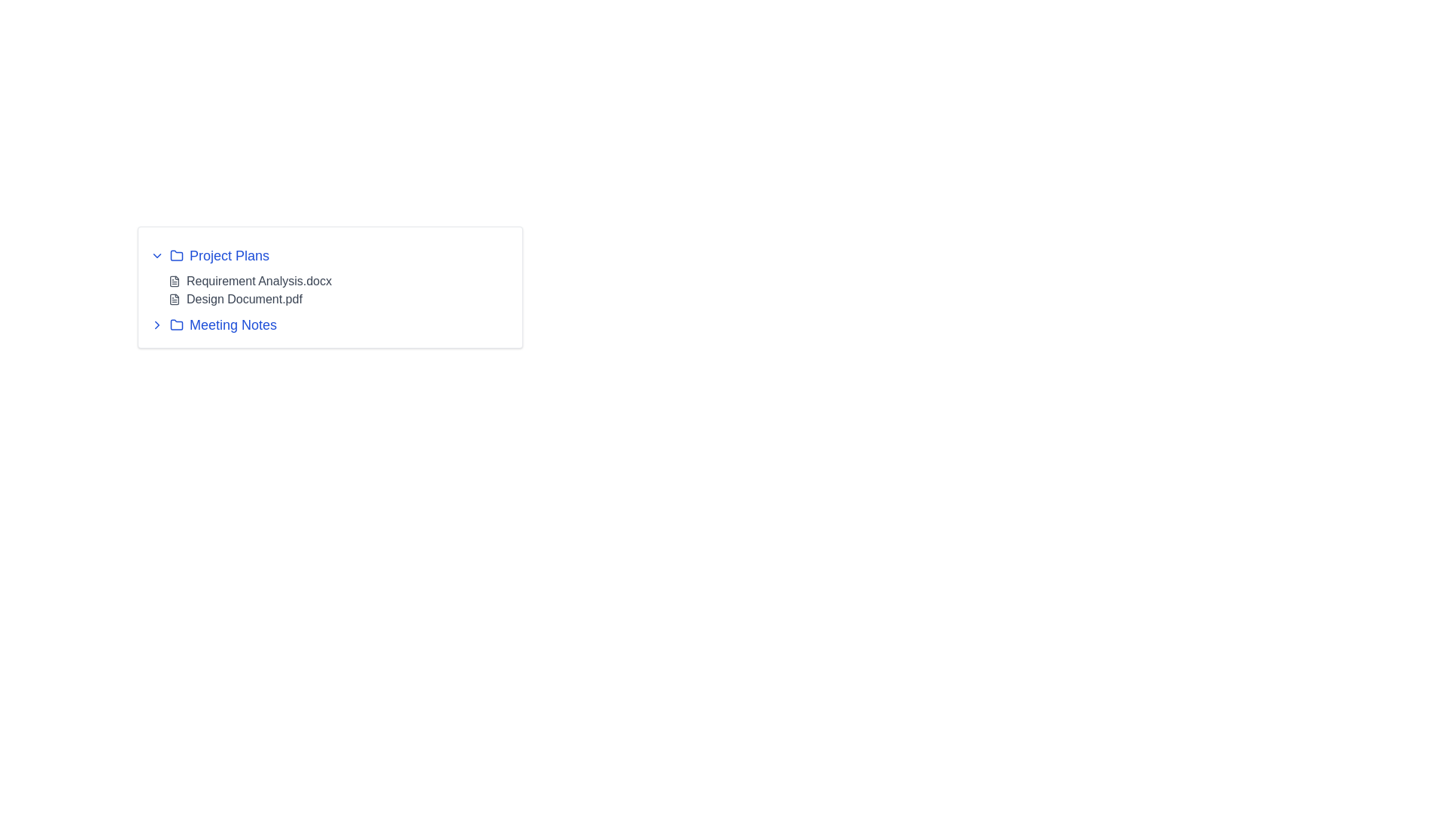 Image resolution: width=1445 pixels, height=813 pixels. Describe the element at coordinates (177, 324) in the screenshot. I see `the folder icon with a blue outline representing a closed folder, located to the left of the text 'Meeting Notes'` at that location.